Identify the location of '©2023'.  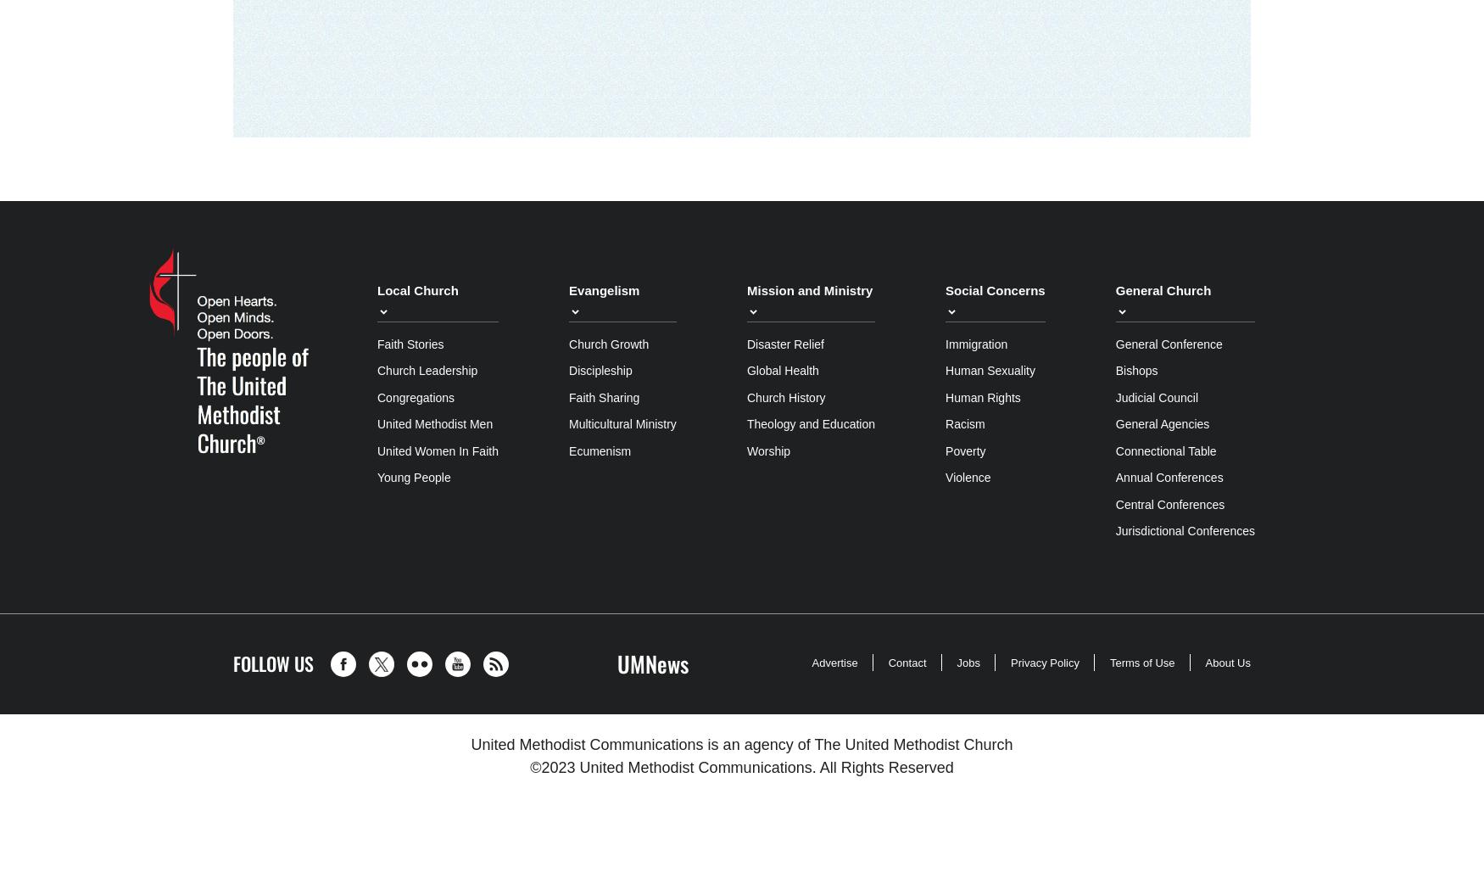
(529, 766).